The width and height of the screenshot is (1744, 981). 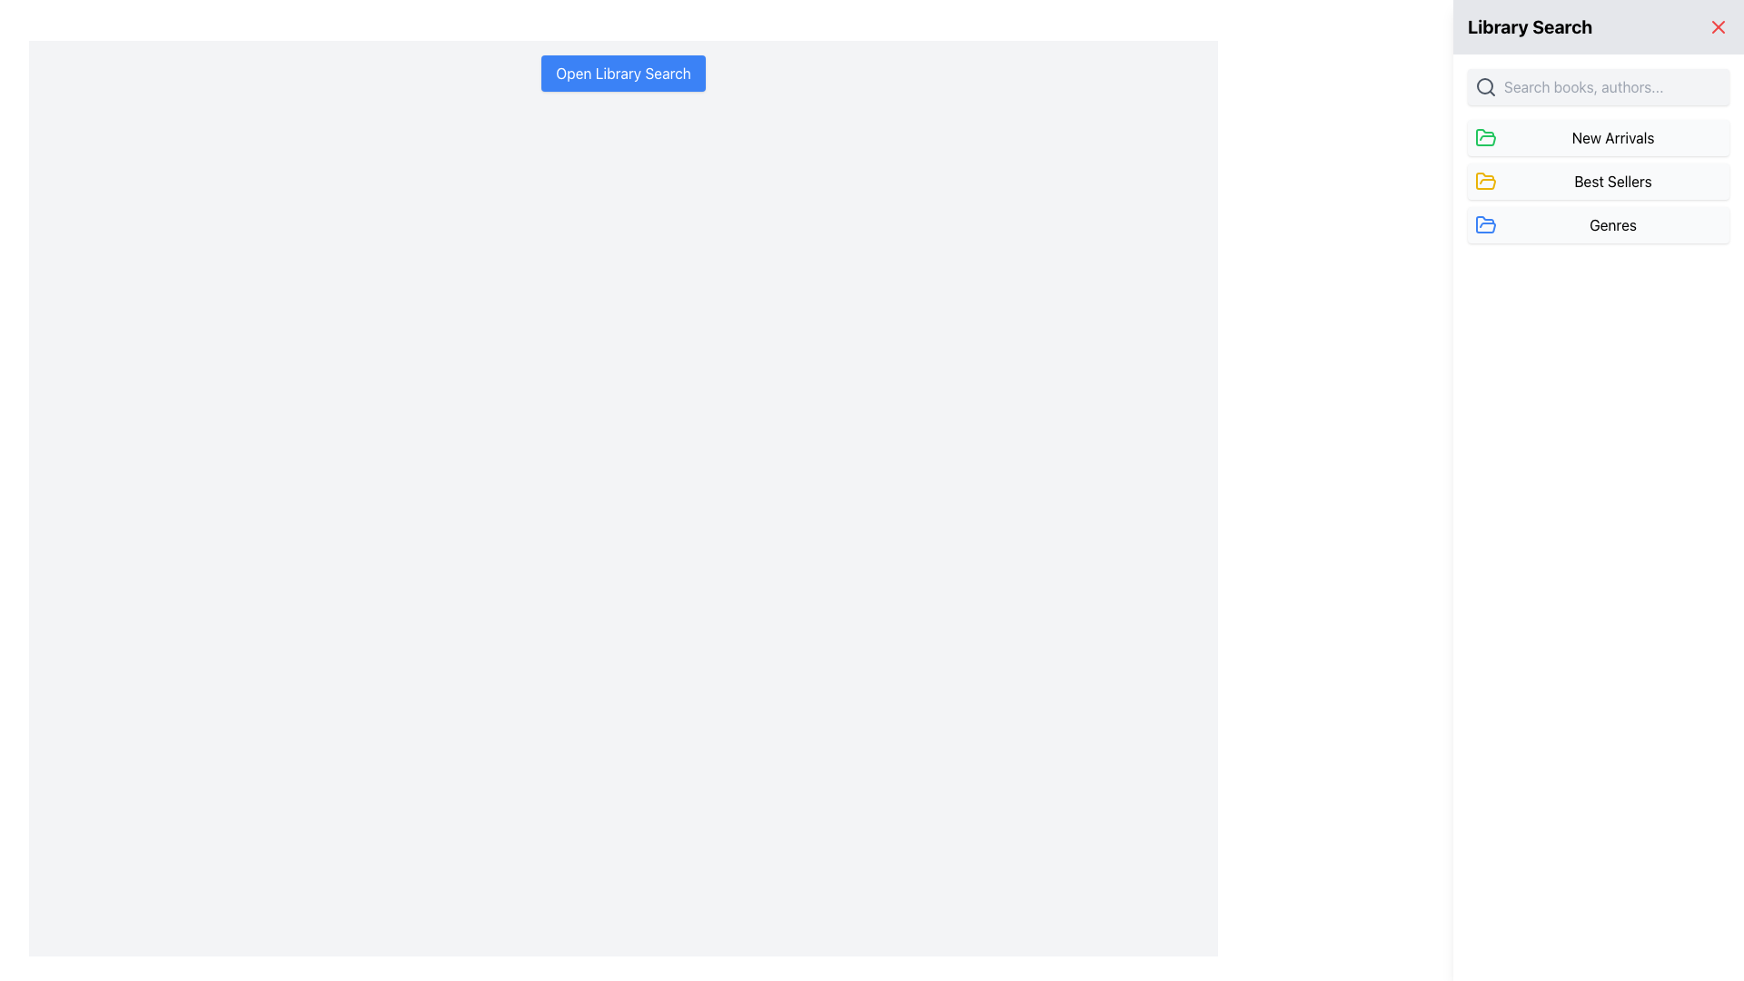 What do you see at coordinates (1486, 87) in the screenshot?
I see `the magnifying glass icon located in the header of the search panel, positioned to the left of the text input box labeled 'Search books, authors...'` at bounding box center [1486, 87].